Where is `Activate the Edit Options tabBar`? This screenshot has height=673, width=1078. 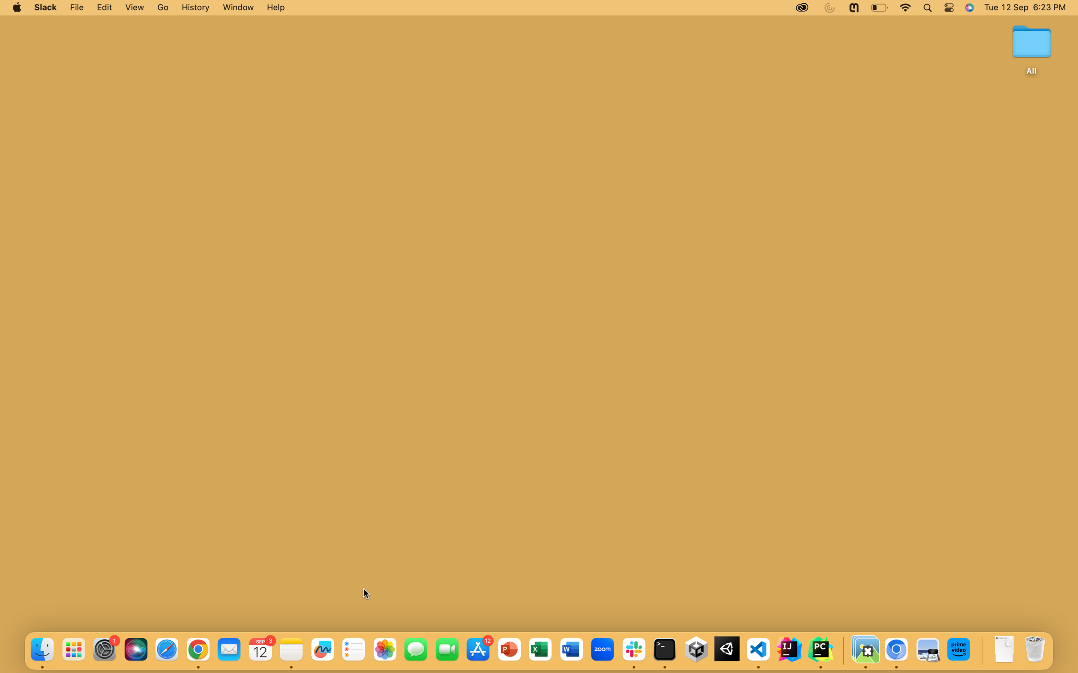 Activate the Edit Options tabBar is located at coordinates (104, 8).